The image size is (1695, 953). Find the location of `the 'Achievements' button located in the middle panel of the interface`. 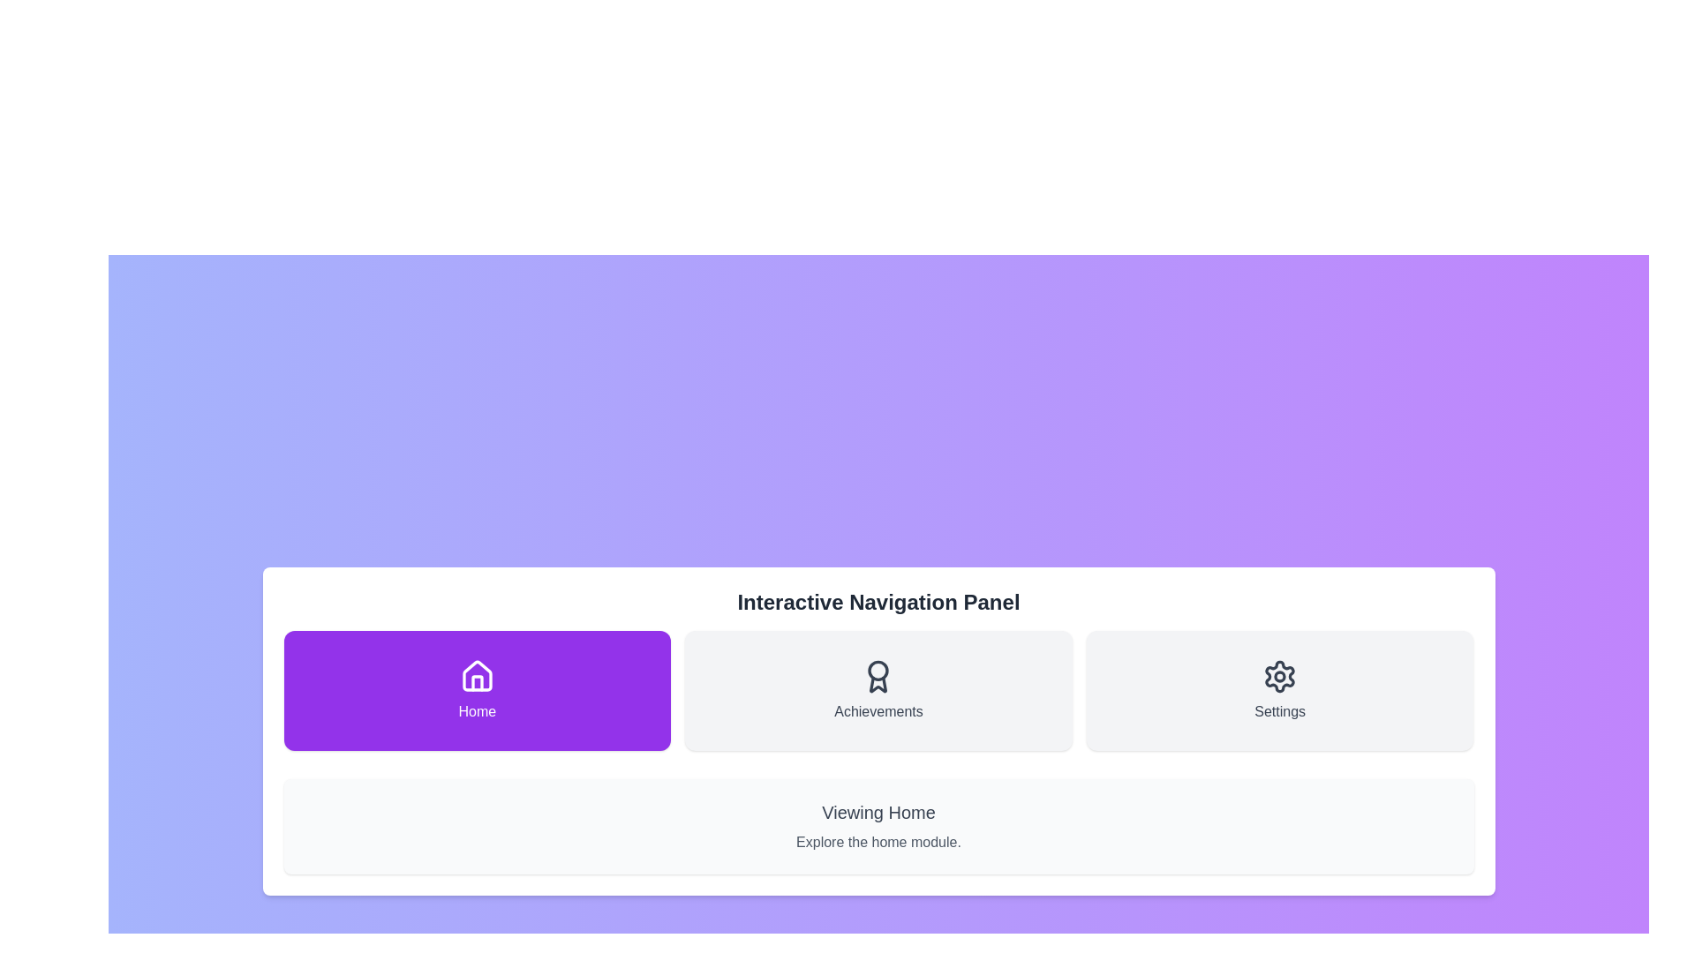

the 'Achievements' button located in the middle panel of the interface is located at coordinates (878, 690).